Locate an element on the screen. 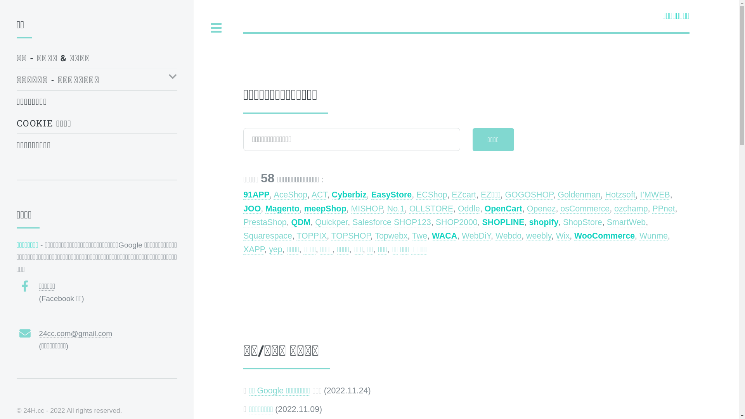  'Webdo' is located at coordinates (495, 235).